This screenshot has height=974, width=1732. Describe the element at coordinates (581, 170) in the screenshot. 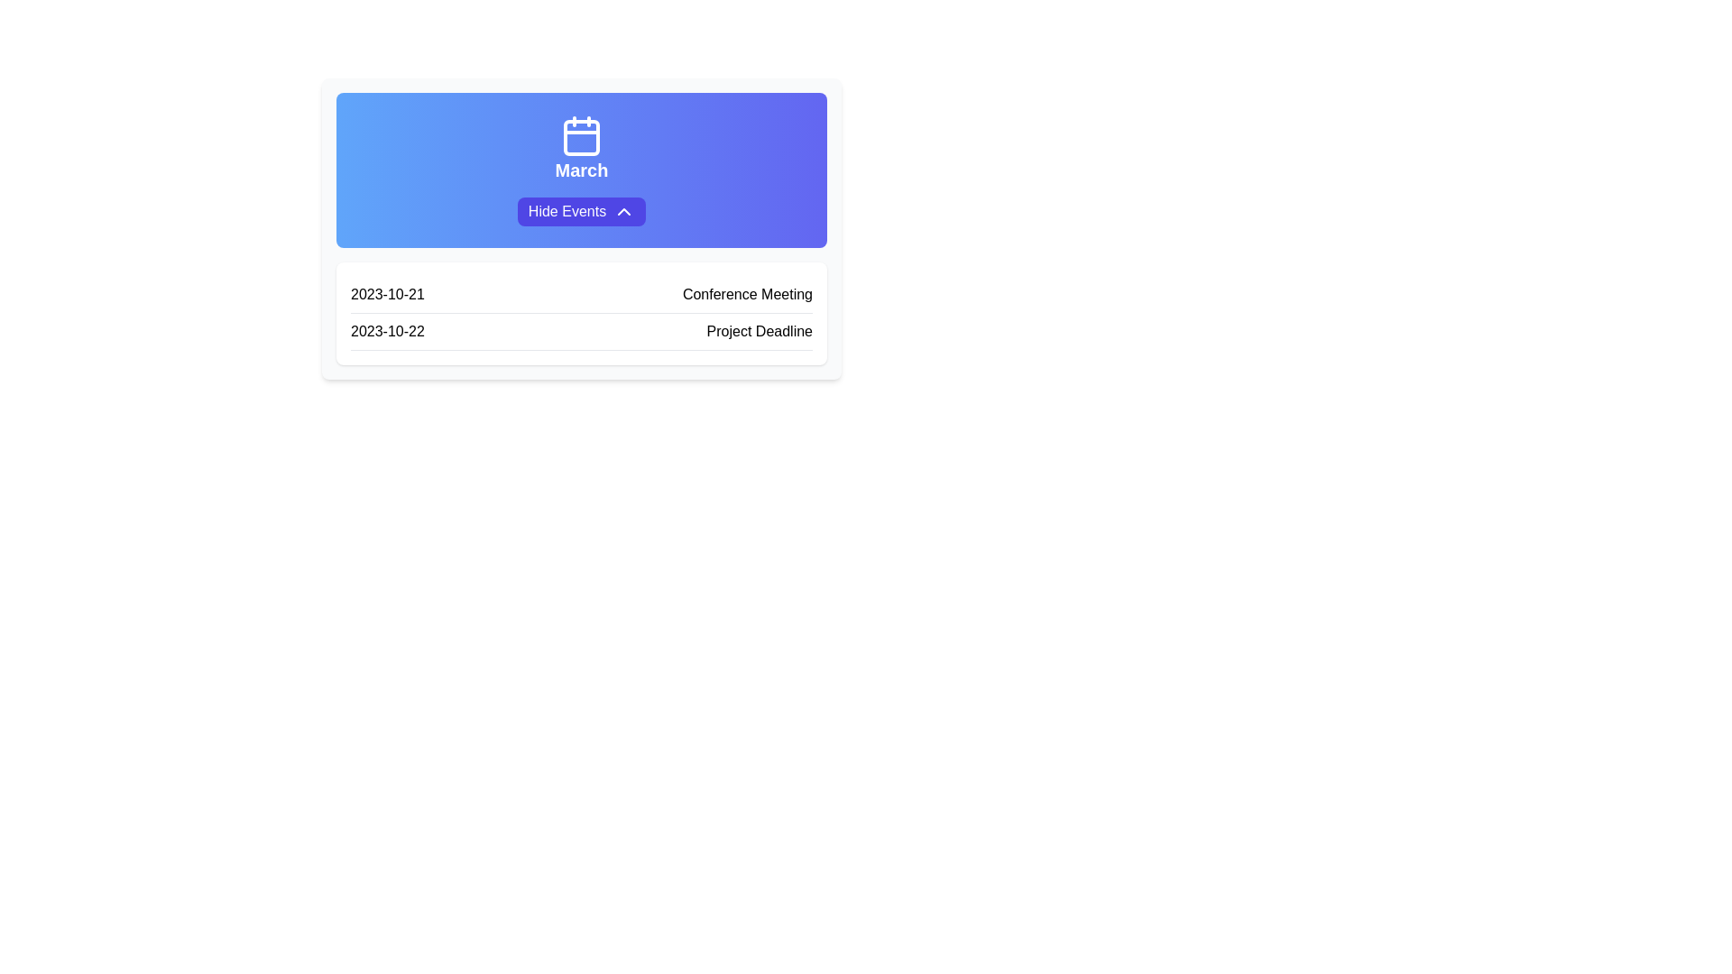

I see `the text label indicating the month 'March', which is located below a calendar icon and above the 'Hide Events' button within a blue gradient panel` at that location.